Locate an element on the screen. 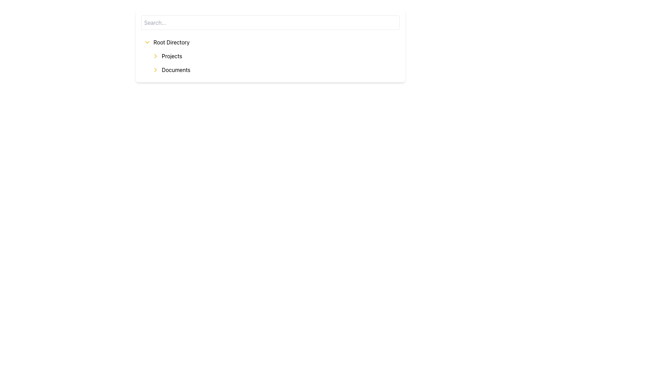 The width and height of the screenshot is (661, 372). the 'Projects' text label in the vertical navigation menu is located at coordinates (172, 55).